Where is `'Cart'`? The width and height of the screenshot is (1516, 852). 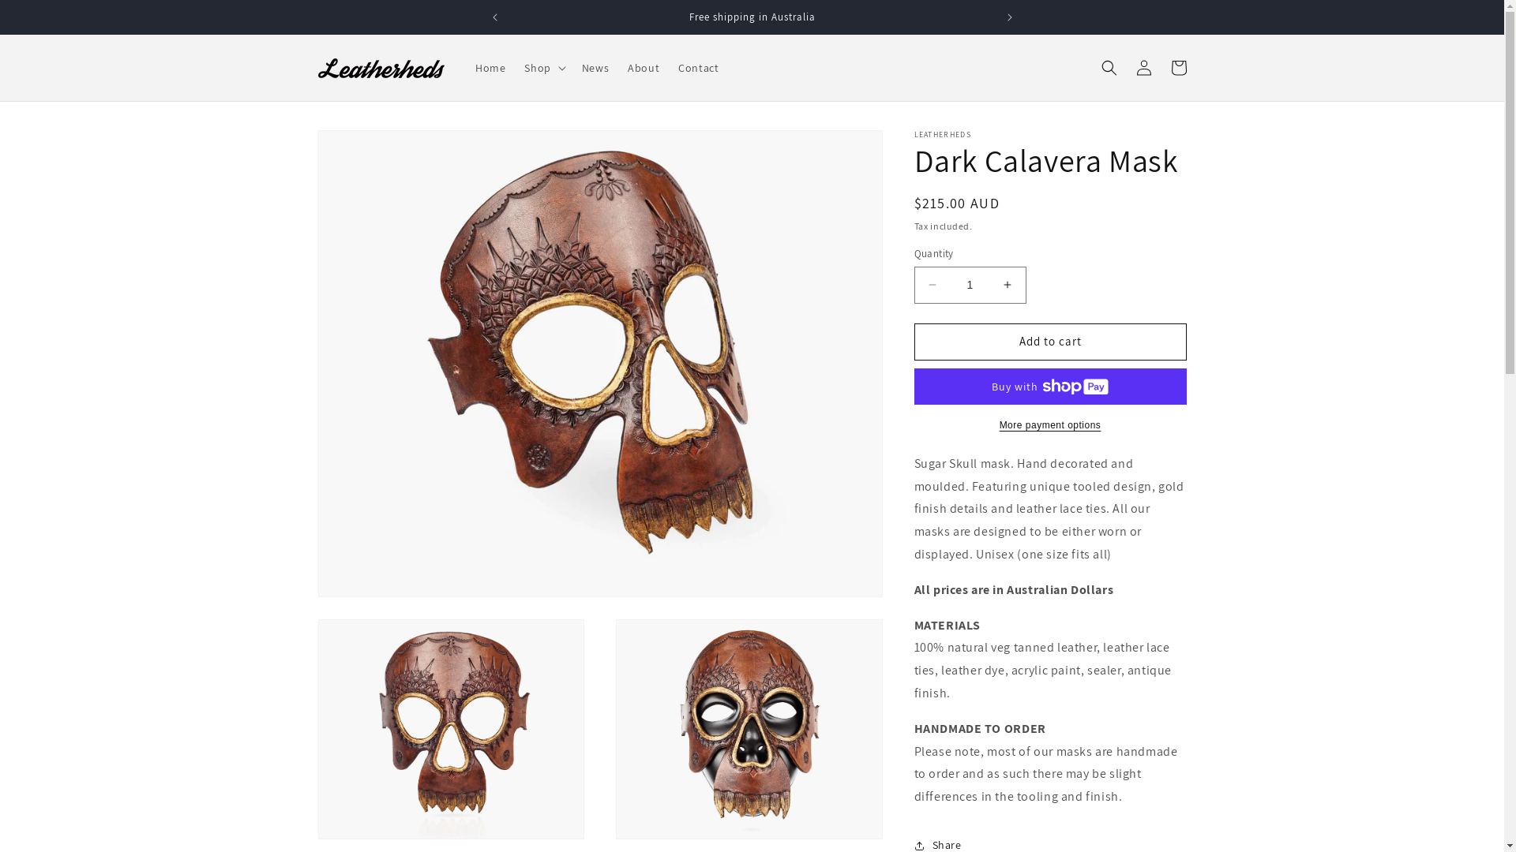 'Cart' is located at coordinates (1178, 66).